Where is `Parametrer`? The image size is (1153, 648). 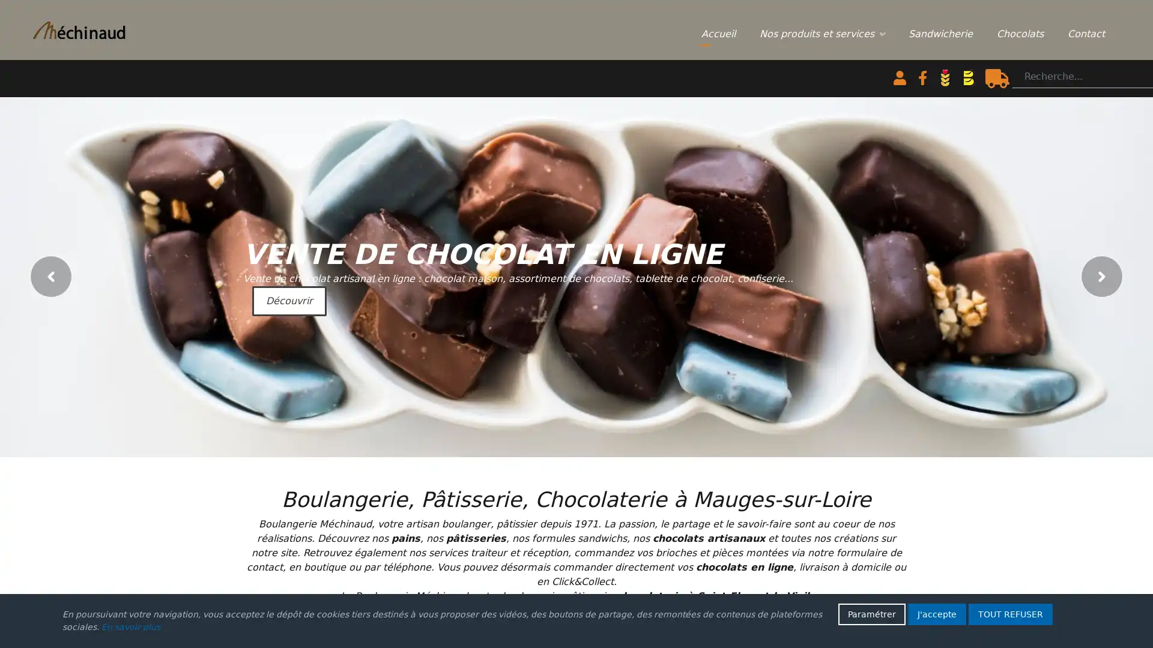
Parametrer is located at coordinates (871, 614).